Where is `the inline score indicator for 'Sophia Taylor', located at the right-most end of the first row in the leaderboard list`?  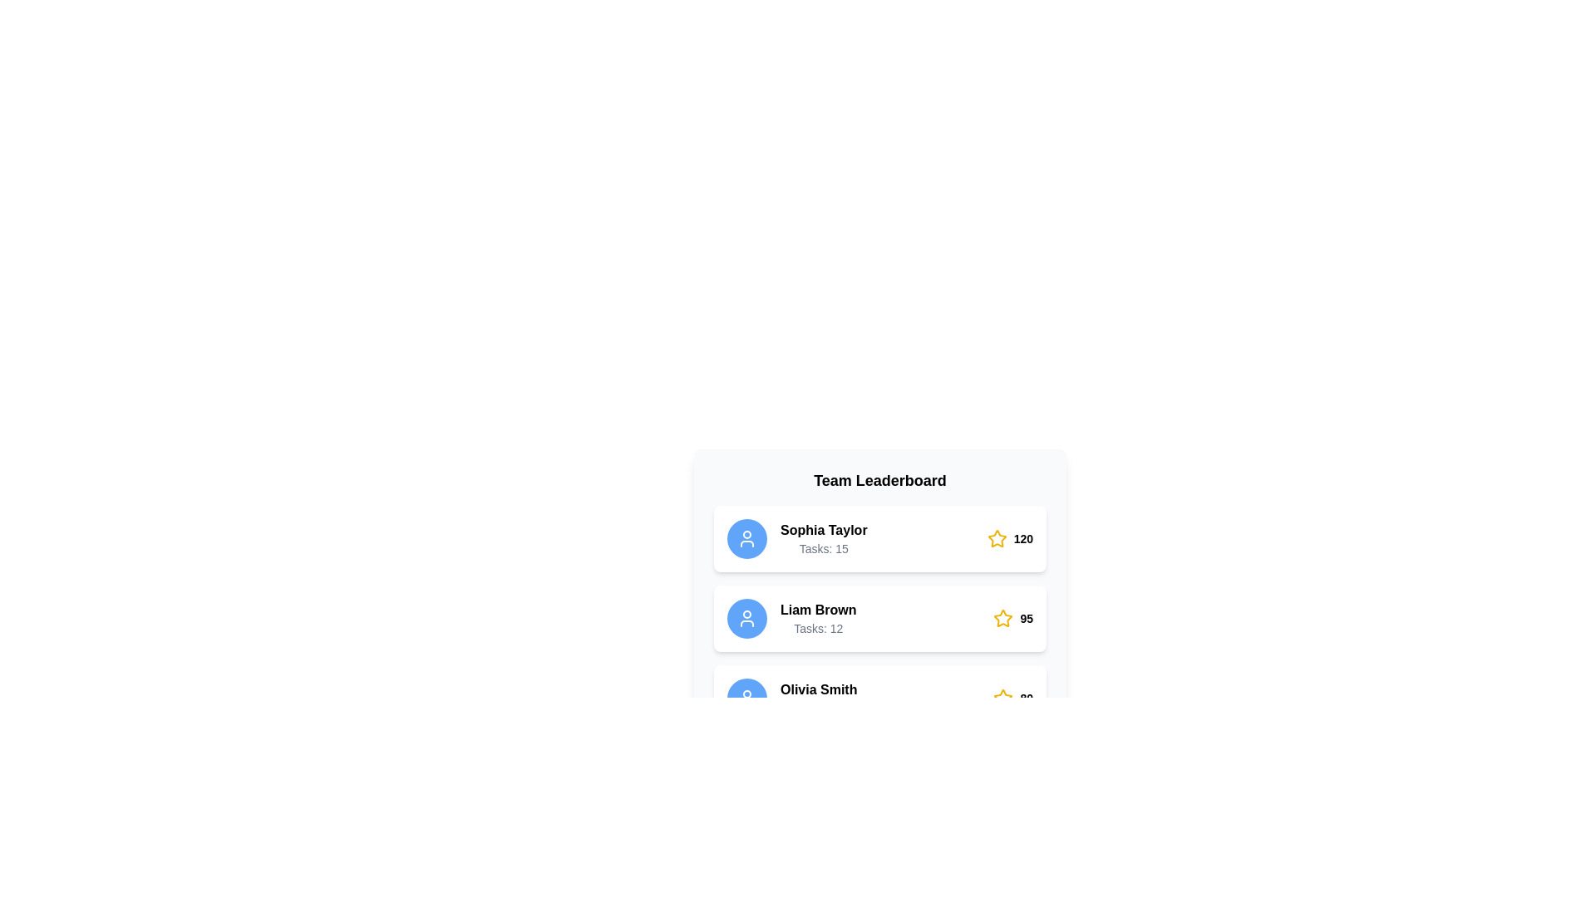
the inline score indicator for 'Sophia Taylor', located at the right-most end of the first row in the leaderboard list is located at coordinates (1009, 538).